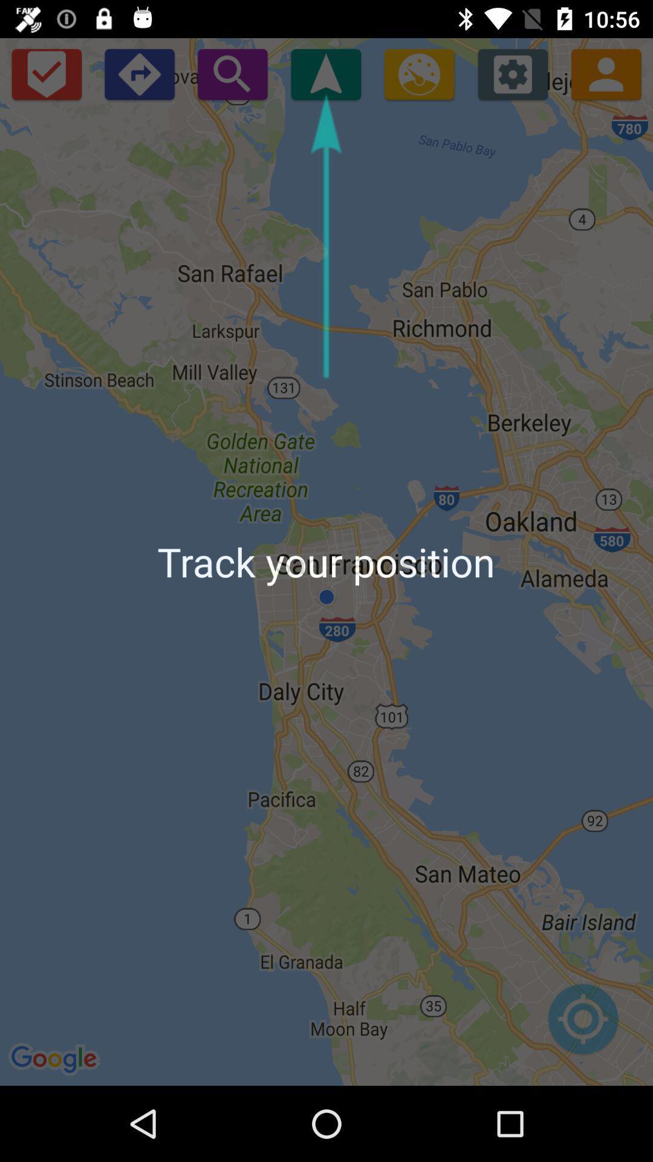  What do you see at coordinates (232, 73) in the screenshot?
I see `search area` at bounding box center [232, 73].